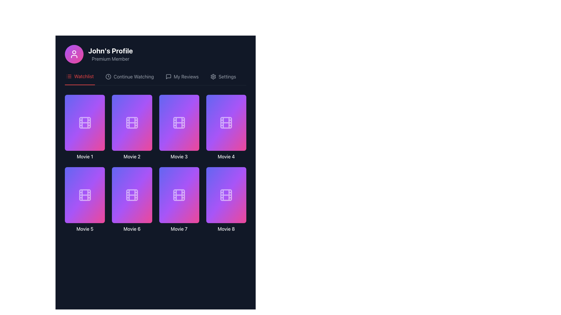 The image size is (561, 315). Describe the element at coordinates (78, 137) in the screenshot. I see `the 'like' button located in the bottom-left corner of the interface` at that location.